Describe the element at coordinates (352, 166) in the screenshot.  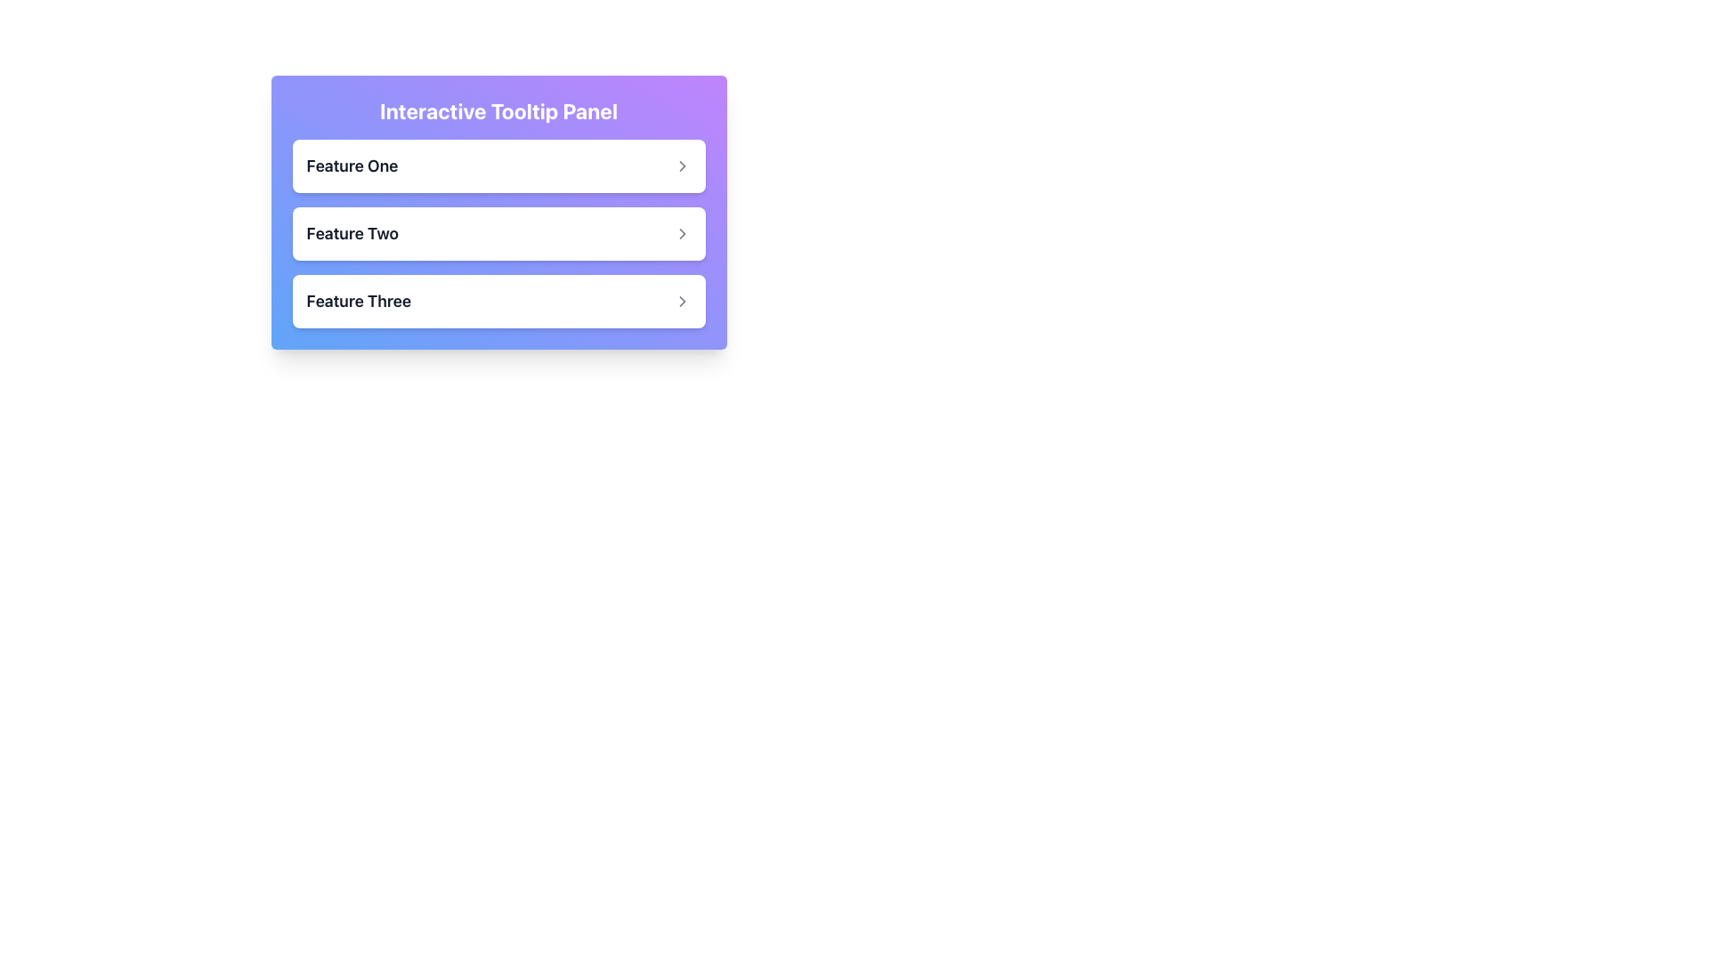
I see `the text label at the top-left corner of the interactive list item` at that location.